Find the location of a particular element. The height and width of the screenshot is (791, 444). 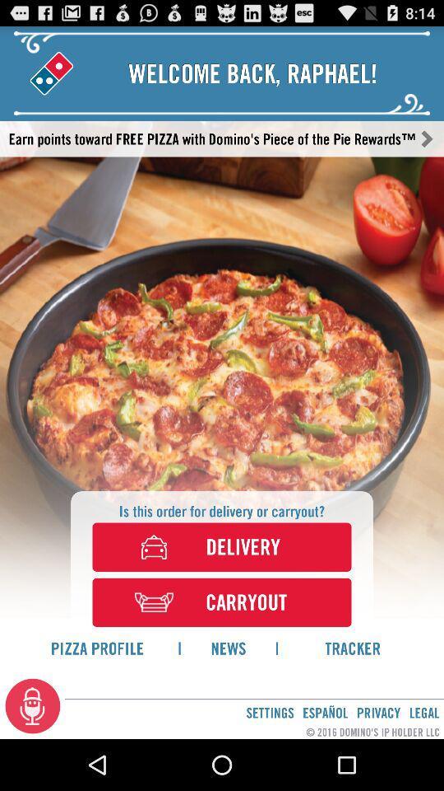

the item to the left of the | is located at coordinates (97, 648).